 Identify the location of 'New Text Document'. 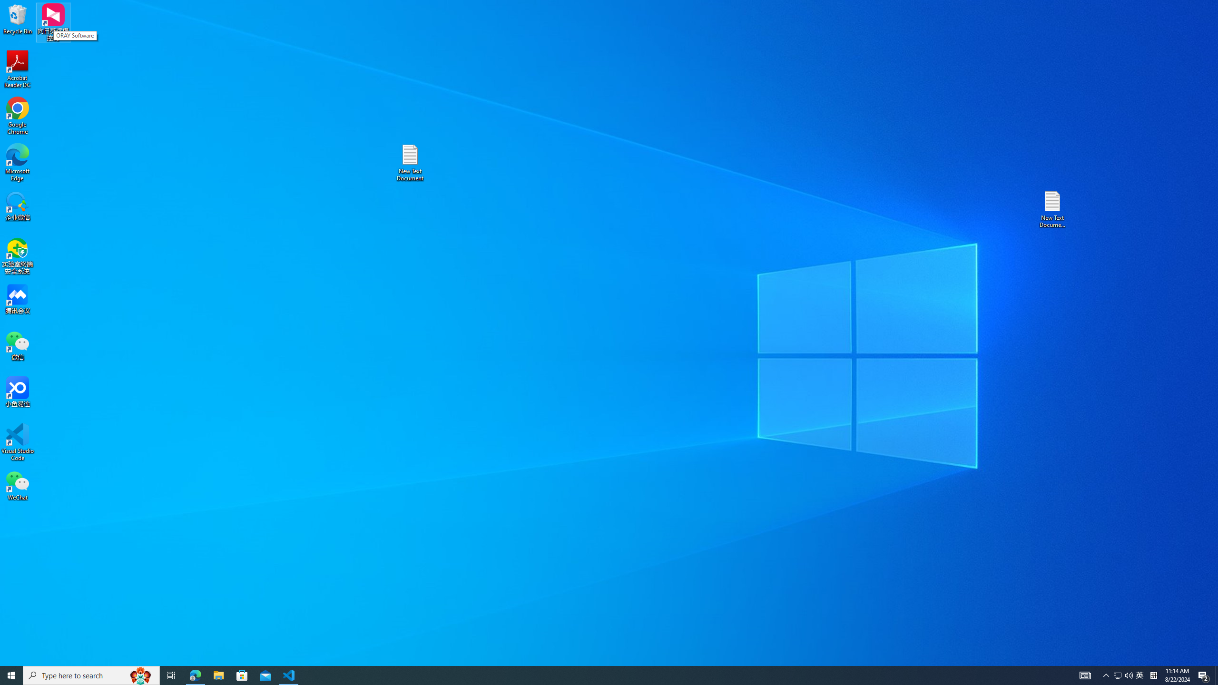
(409, 162).